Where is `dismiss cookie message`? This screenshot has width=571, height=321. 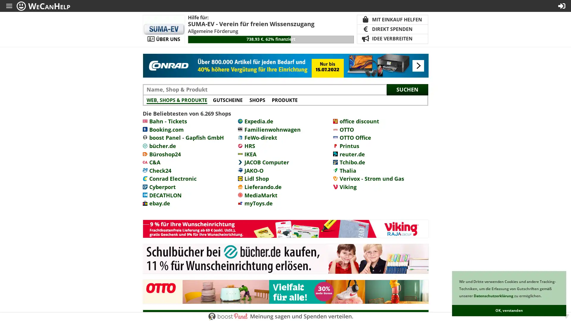 dismiss cookie message is located at coordinates (509, 310).